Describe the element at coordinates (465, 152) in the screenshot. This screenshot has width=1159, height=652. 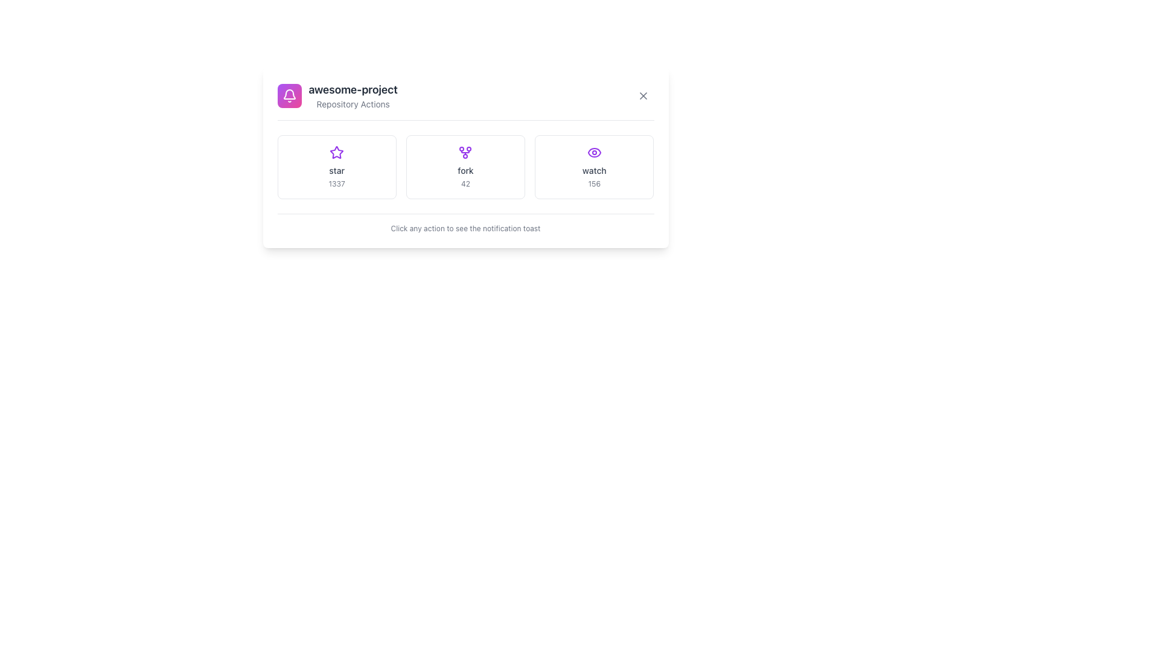
I see `the purple fork diagram icon located within the 'Repository Actions' panel, specifically` at that location.